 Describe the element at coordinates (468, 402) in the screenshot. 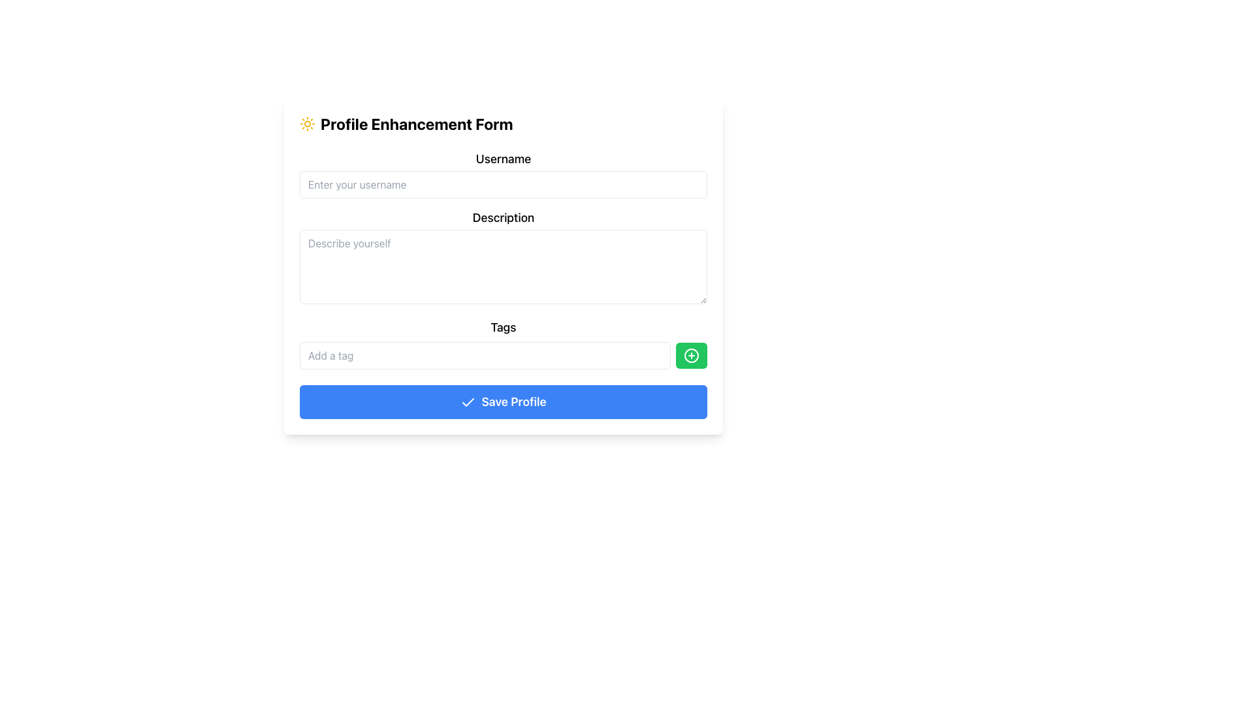

I see `the checkmark icon located inside the 'Save Profile' button, which has a blue background and is styled with a thin outline and rounded edges` at that location.